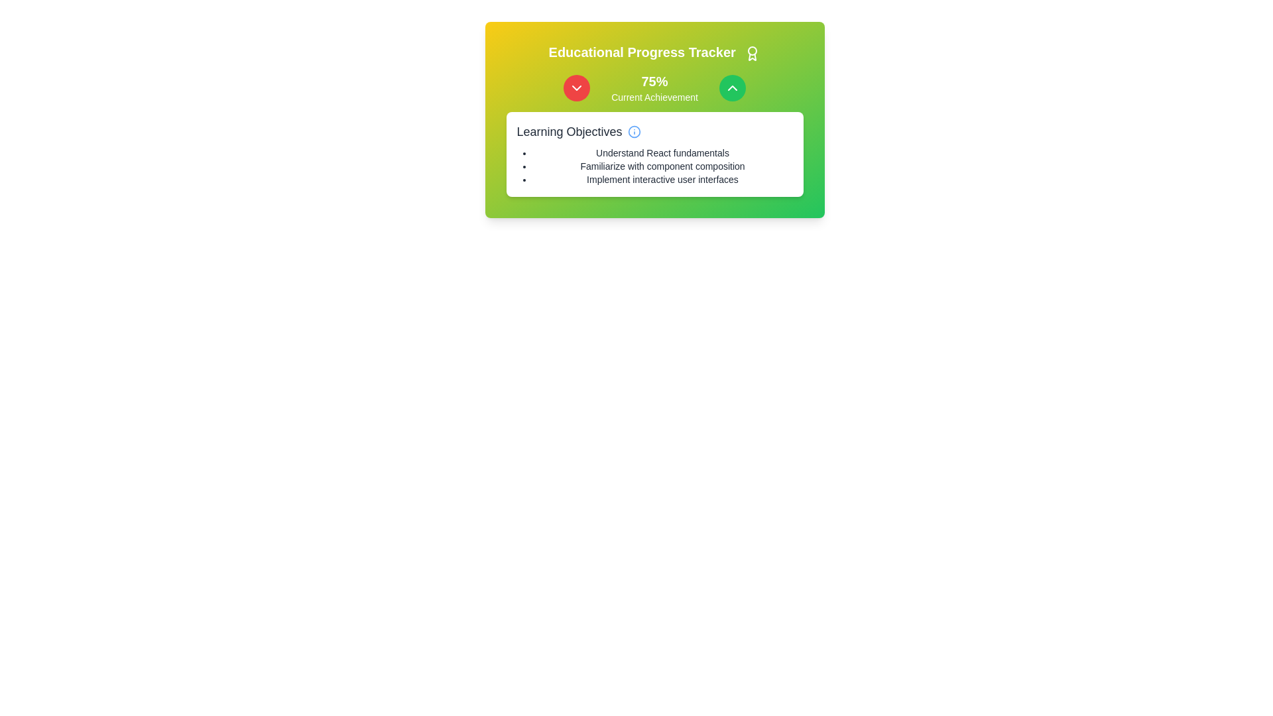 The width and height of the screenshot is (1273, 716). I want to click on the downward-pointing chevron icon embedded in a circular button with a vibrant red background, located in the upper left section of the 'Educational Progress Tracker' card, so click(577, 88).